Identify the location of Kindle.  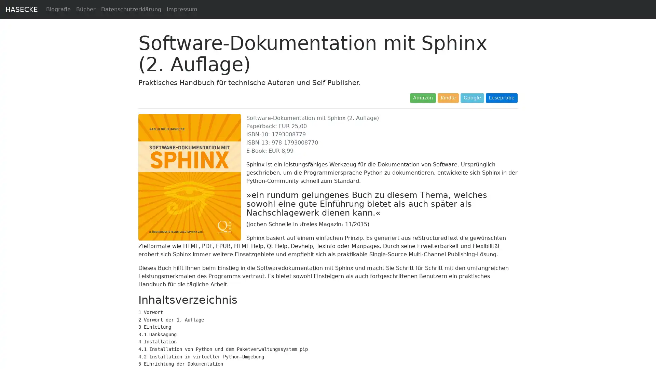
(448, 98).